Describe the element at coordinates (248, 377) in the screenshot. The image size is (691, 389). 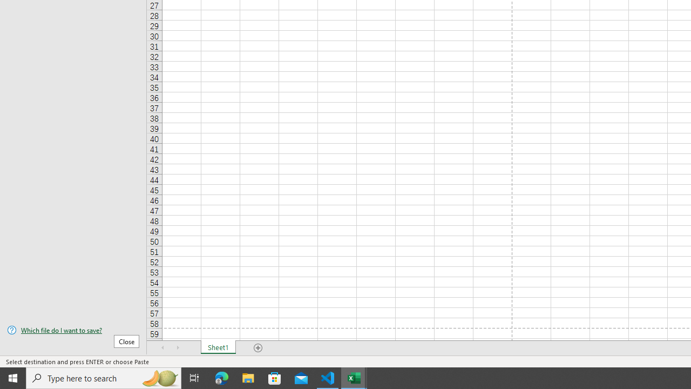
I see `'File Explorer'` at that location.